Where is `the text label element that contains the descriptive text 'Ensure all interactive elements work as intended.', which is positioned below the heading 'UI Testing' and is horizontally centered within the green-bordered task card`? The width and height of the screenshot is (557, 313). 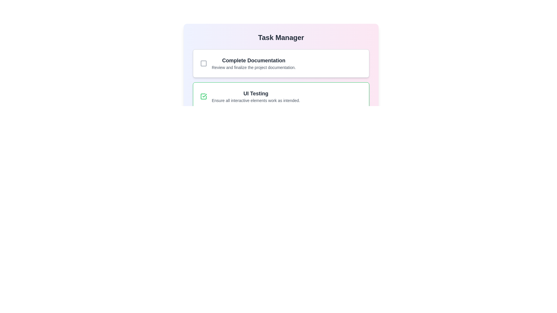
the text label element that contains the descriptive text 'Ensure all interactive elements work as intended.', which is positioned below the heading 'UI Testing' and is horizontally centered within the green-bordered task card is located at coordinates (256, 100).